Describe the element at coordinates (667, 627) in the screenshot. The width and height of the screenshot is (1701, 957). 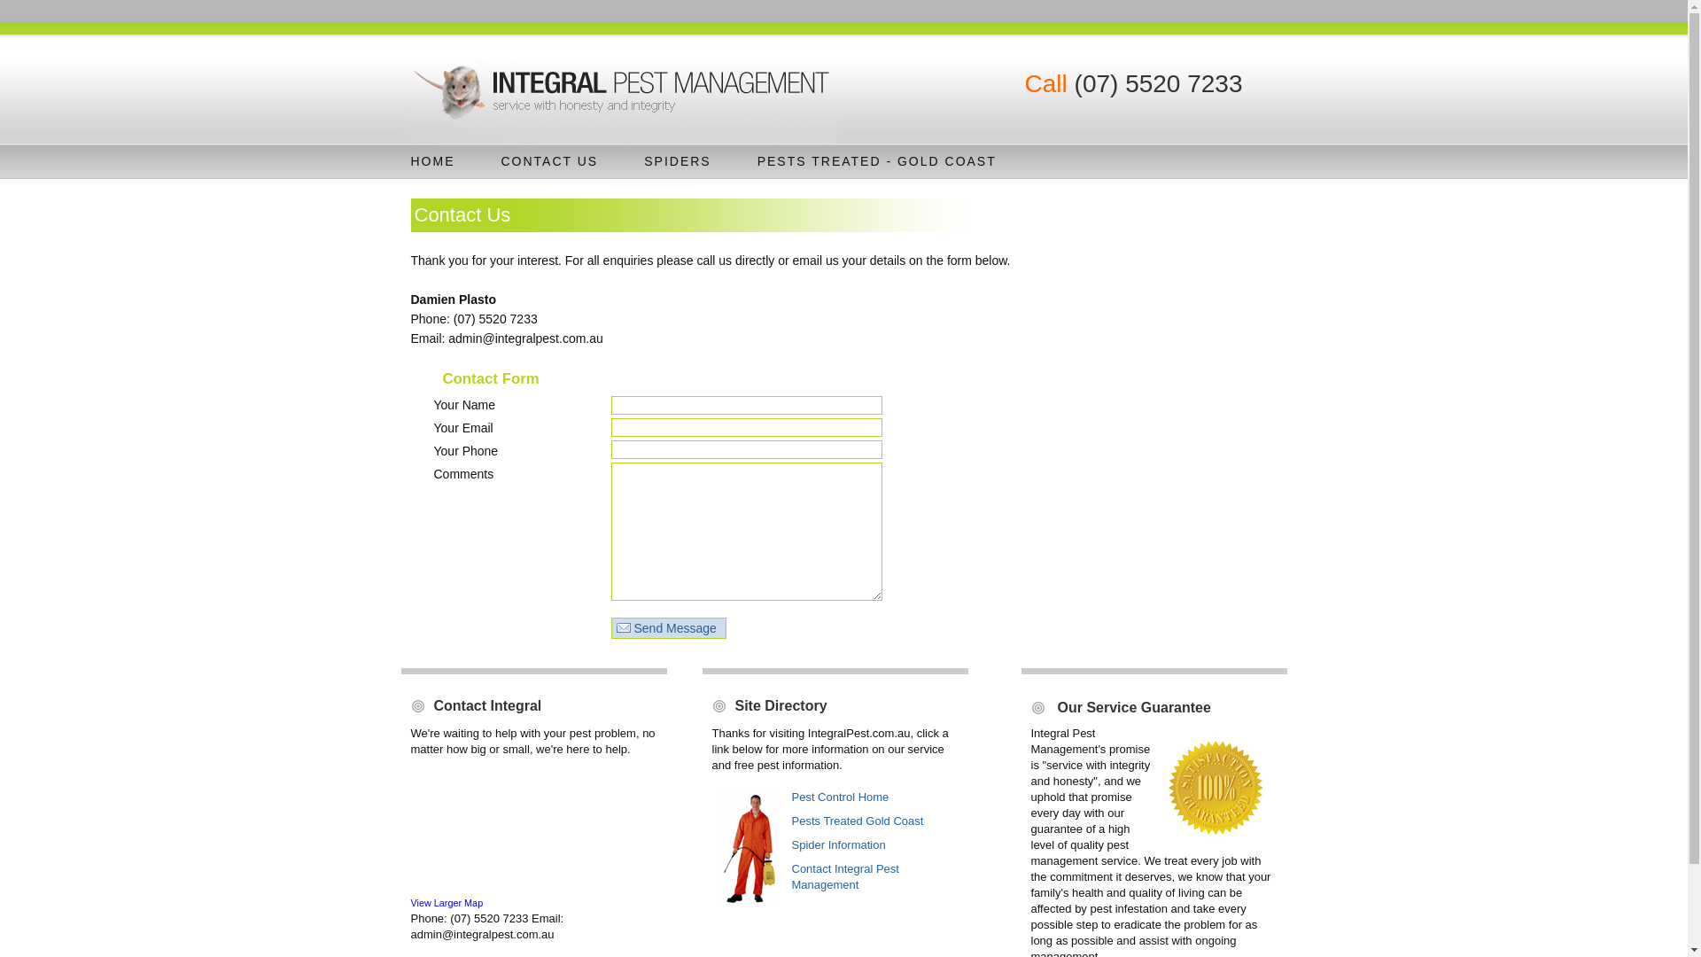
I see `'Send Message'` at that location.